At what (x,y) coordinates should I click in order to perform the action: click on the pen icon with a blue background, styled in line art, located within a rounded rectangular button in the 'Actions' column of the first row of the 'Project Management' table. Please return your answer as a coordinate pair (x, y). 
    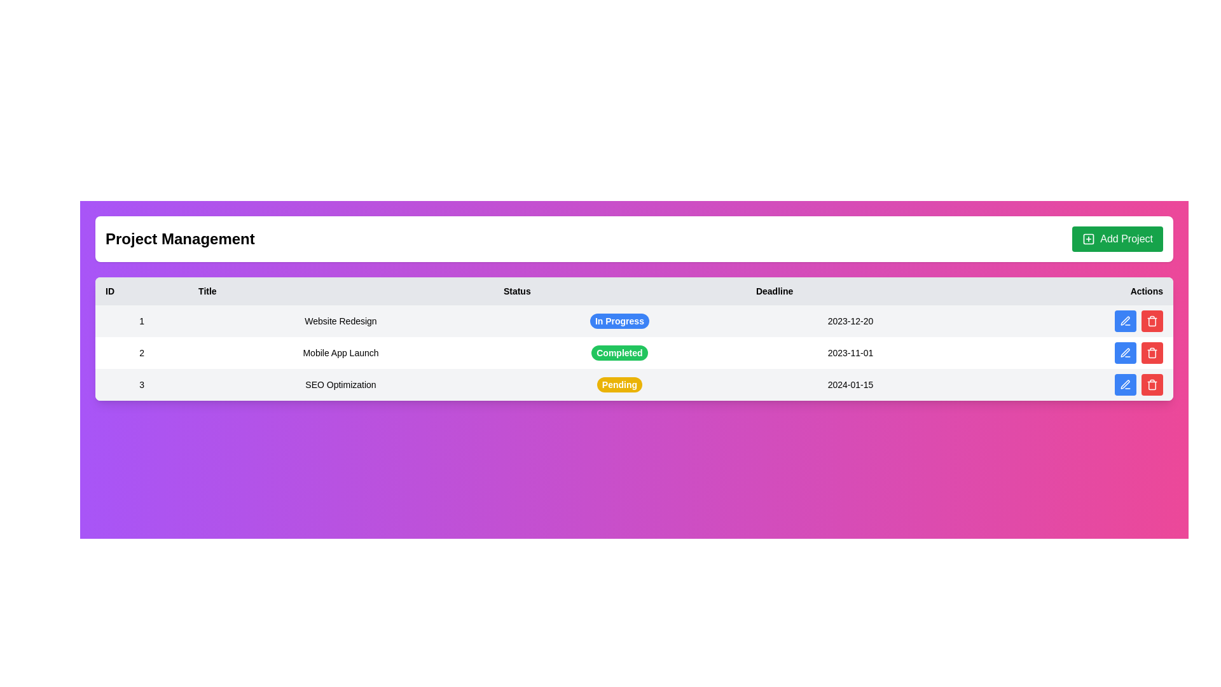
    Looking at the image, I should click on (1126, 321).